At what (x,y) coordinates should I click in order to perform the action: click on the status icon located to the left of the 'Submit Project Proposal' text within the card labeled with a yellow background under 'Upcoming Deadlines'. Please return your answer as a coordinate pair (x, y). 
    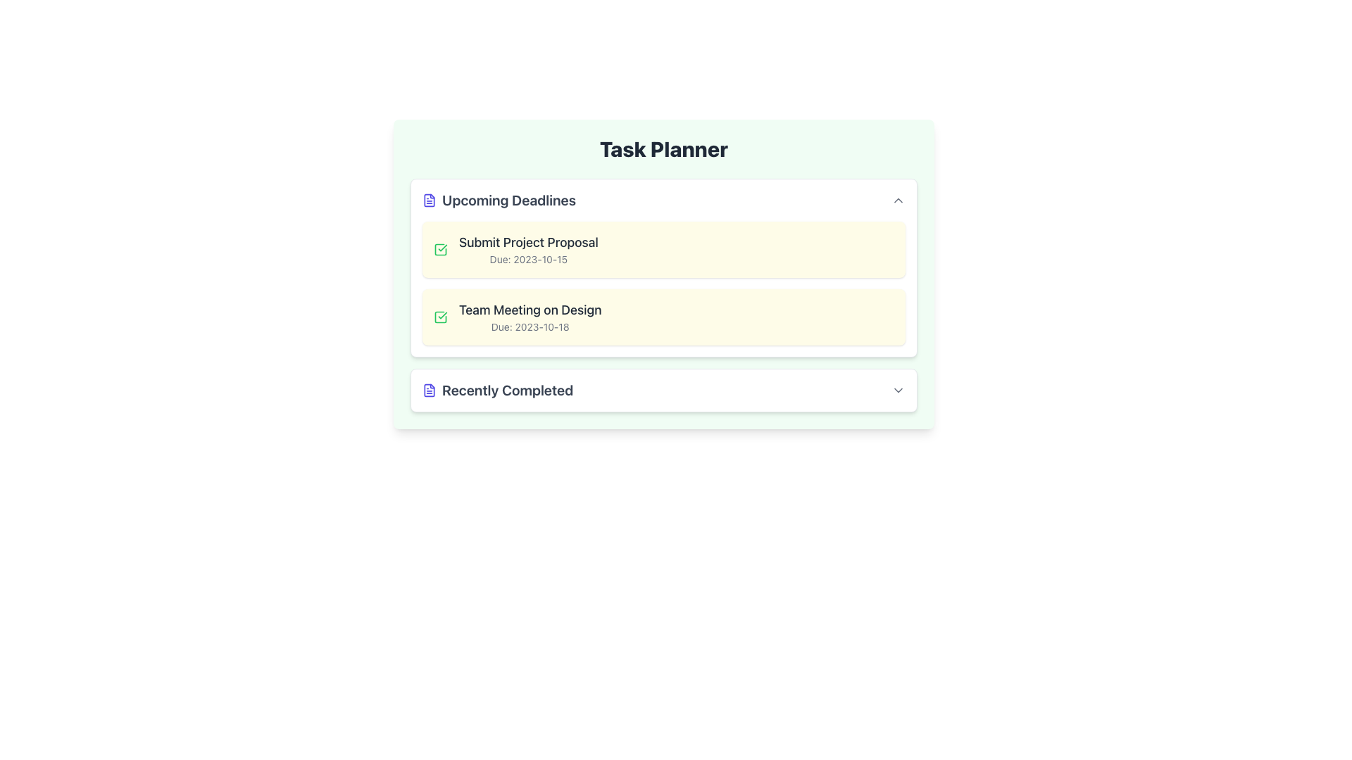
    Looking at the image, I should click on (439, 248).